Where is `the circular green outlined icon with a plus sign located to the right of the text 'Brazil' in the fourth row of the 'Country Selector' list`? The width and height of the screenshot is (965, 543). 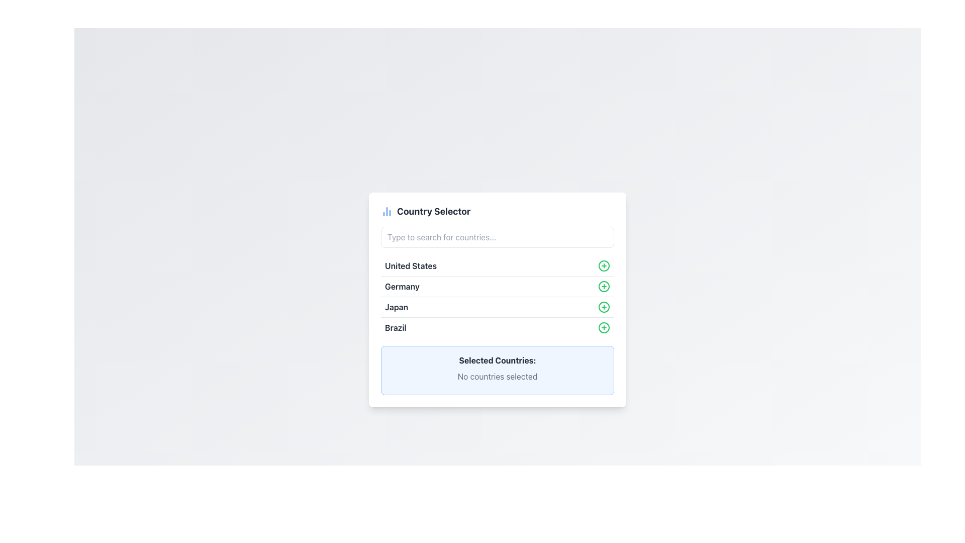
the circular green outlined icon with a plus sign located to the right of the text 'Brazil' in the fourth row of the 'Country Selector' list is located at coordinates (603, 327).